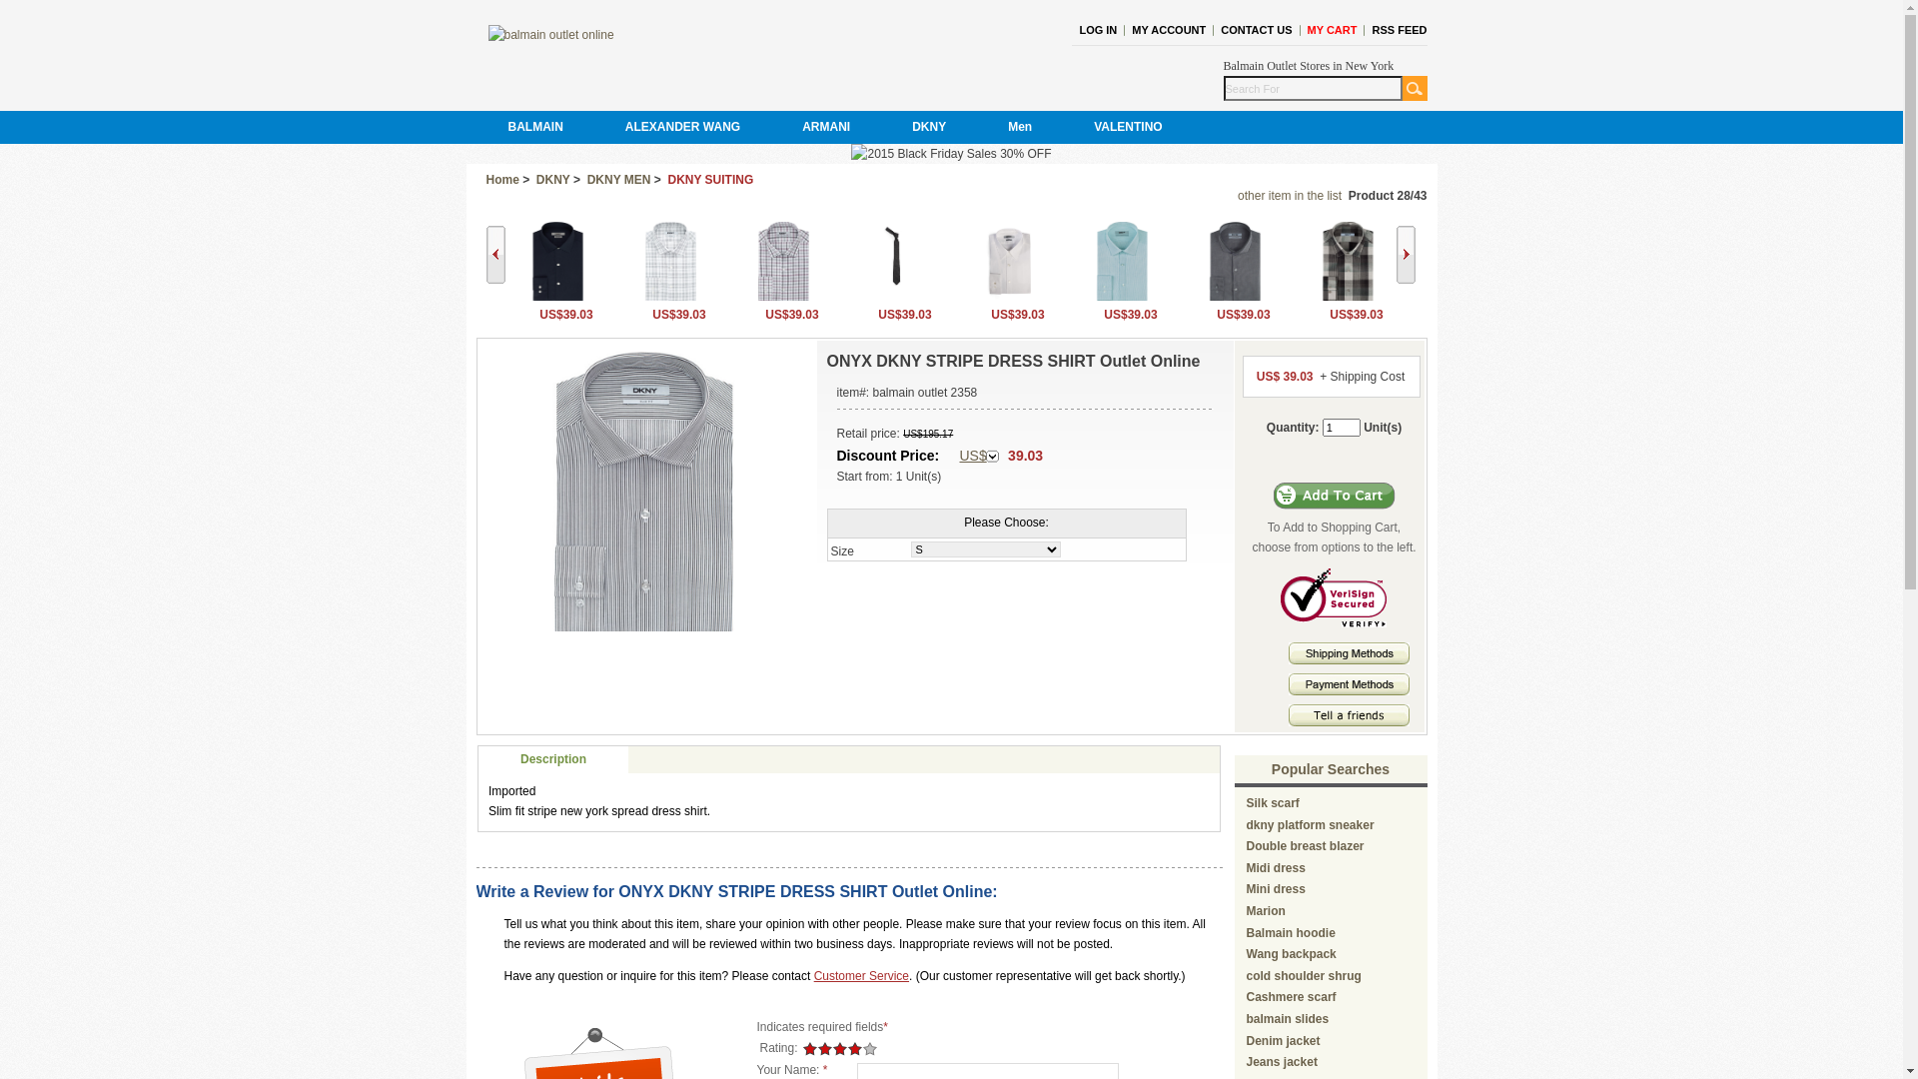 The image size is (1918, 1079). What do you see at coordinates (1291, 953) in the screenshot?
I see `'Wang backpack'` at bounding box center [1291, 953].